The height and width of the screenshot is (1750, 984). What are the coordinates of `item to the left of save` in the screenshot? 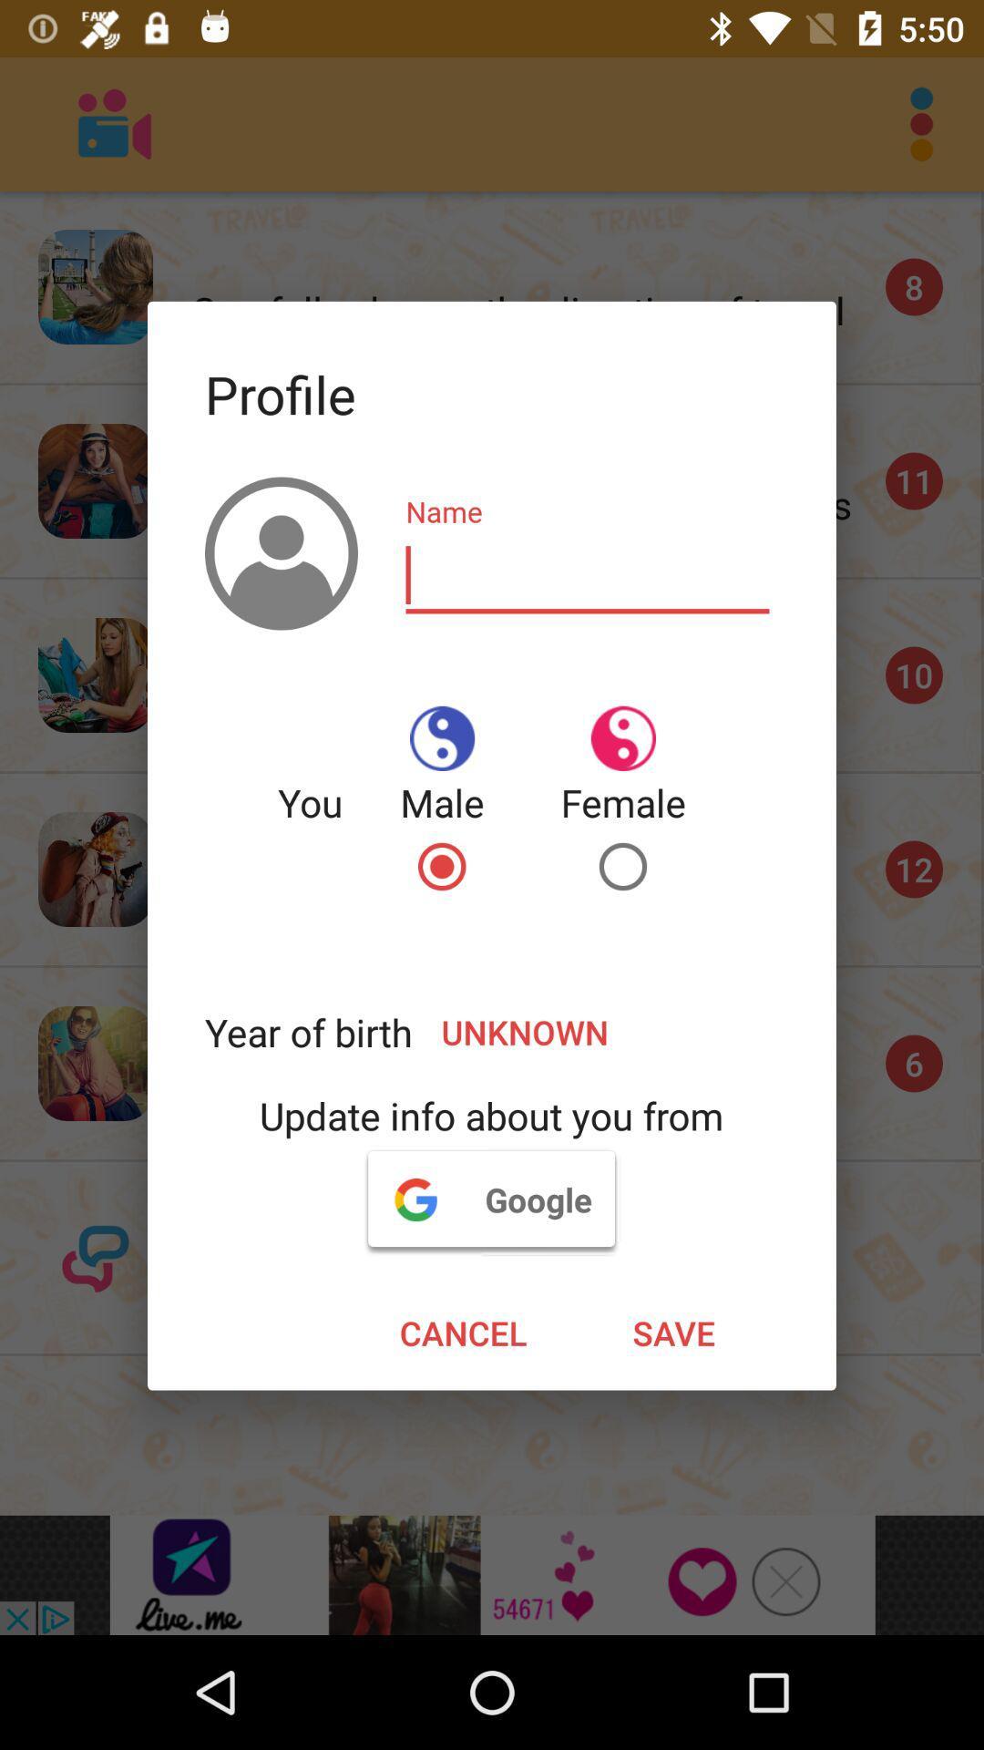 It's located at (462, 1333).